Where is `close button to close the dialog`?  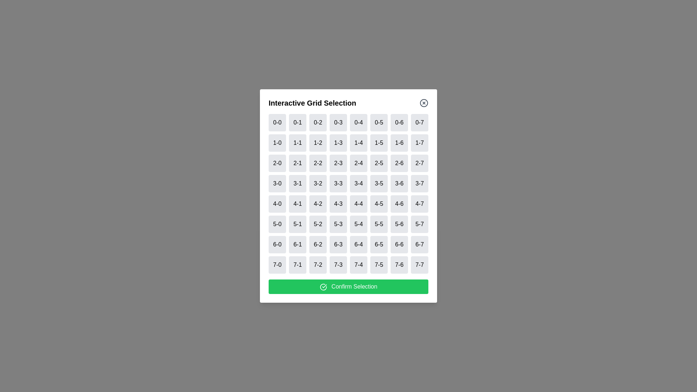 close button to close the dialog is located at coordinates (424, 103).